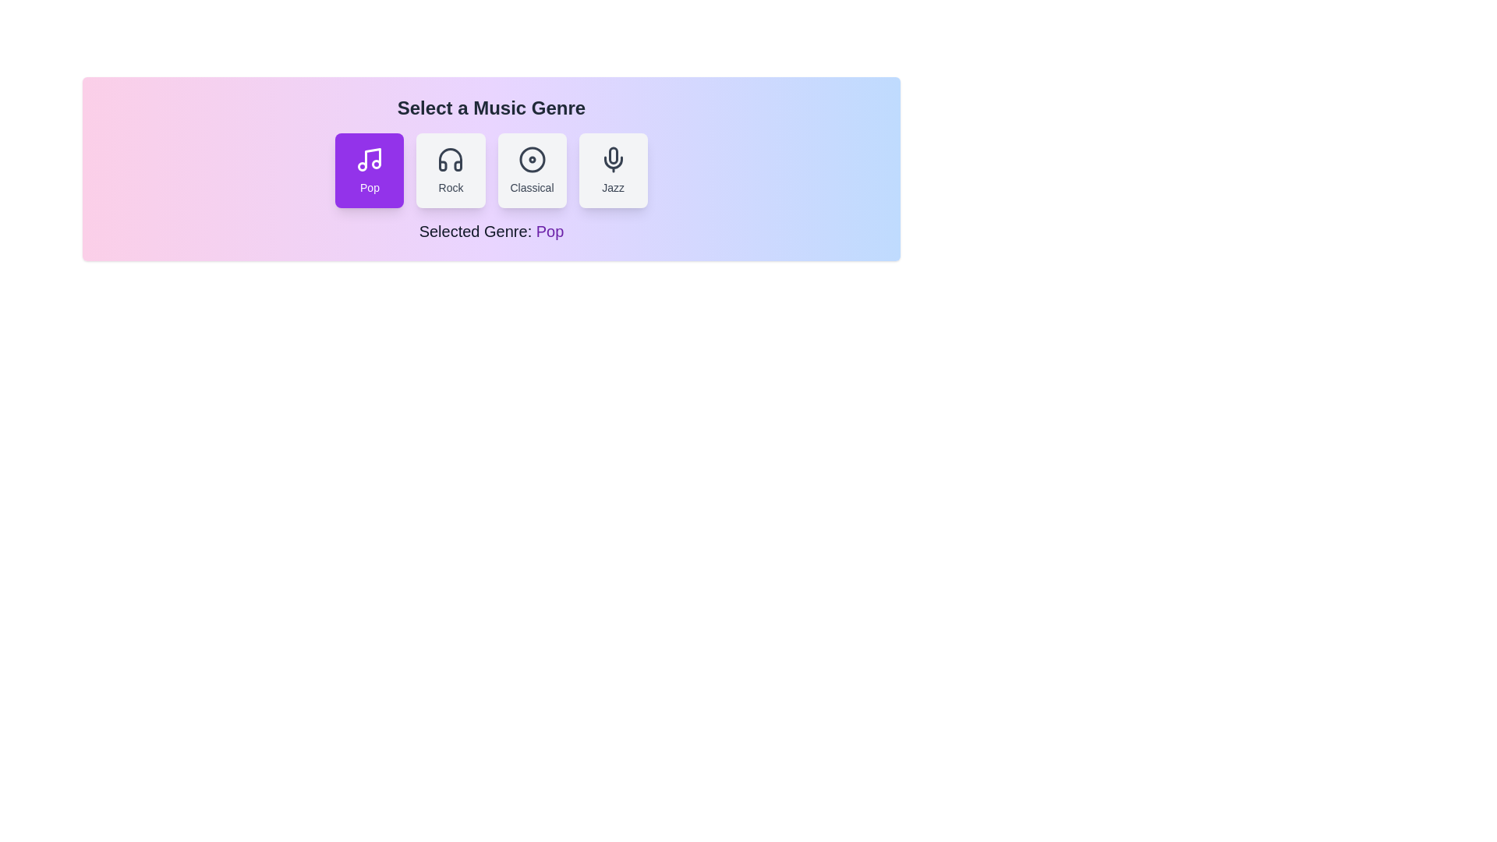 This screenshot has height=842, width=1497. Describe the element at coordinates (612, 171) in the screenshot. I see `the button corresponding to the genre jazz` at that location.